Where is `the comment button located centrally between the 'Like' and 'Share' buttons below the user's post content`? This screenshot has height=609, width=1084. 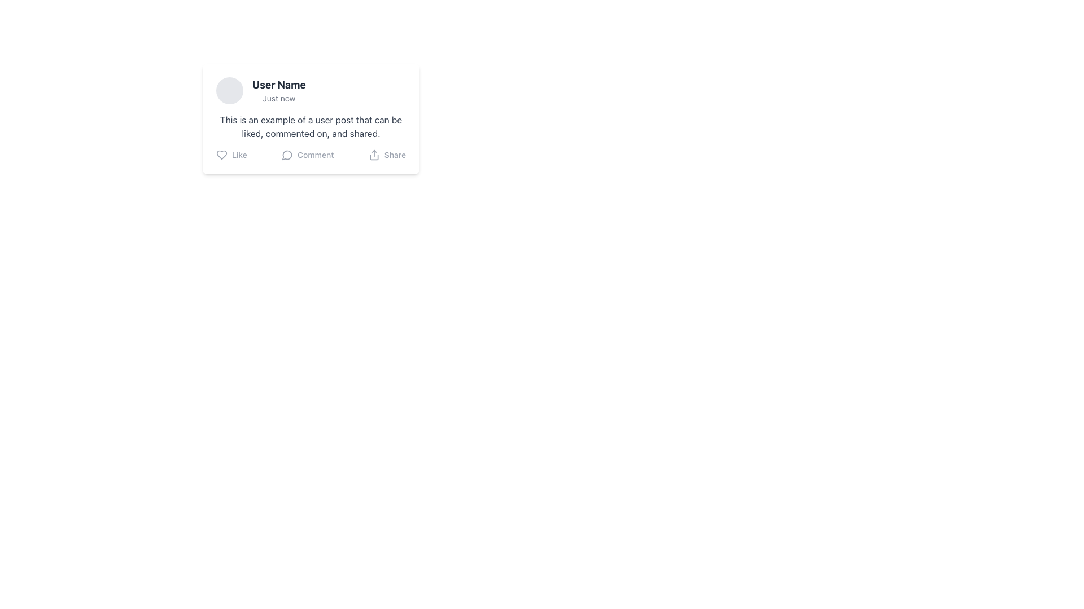
the comment button located centrally between the 'Like' and 'Share' buttons below the user's post content is located at coordinates (308, 155).